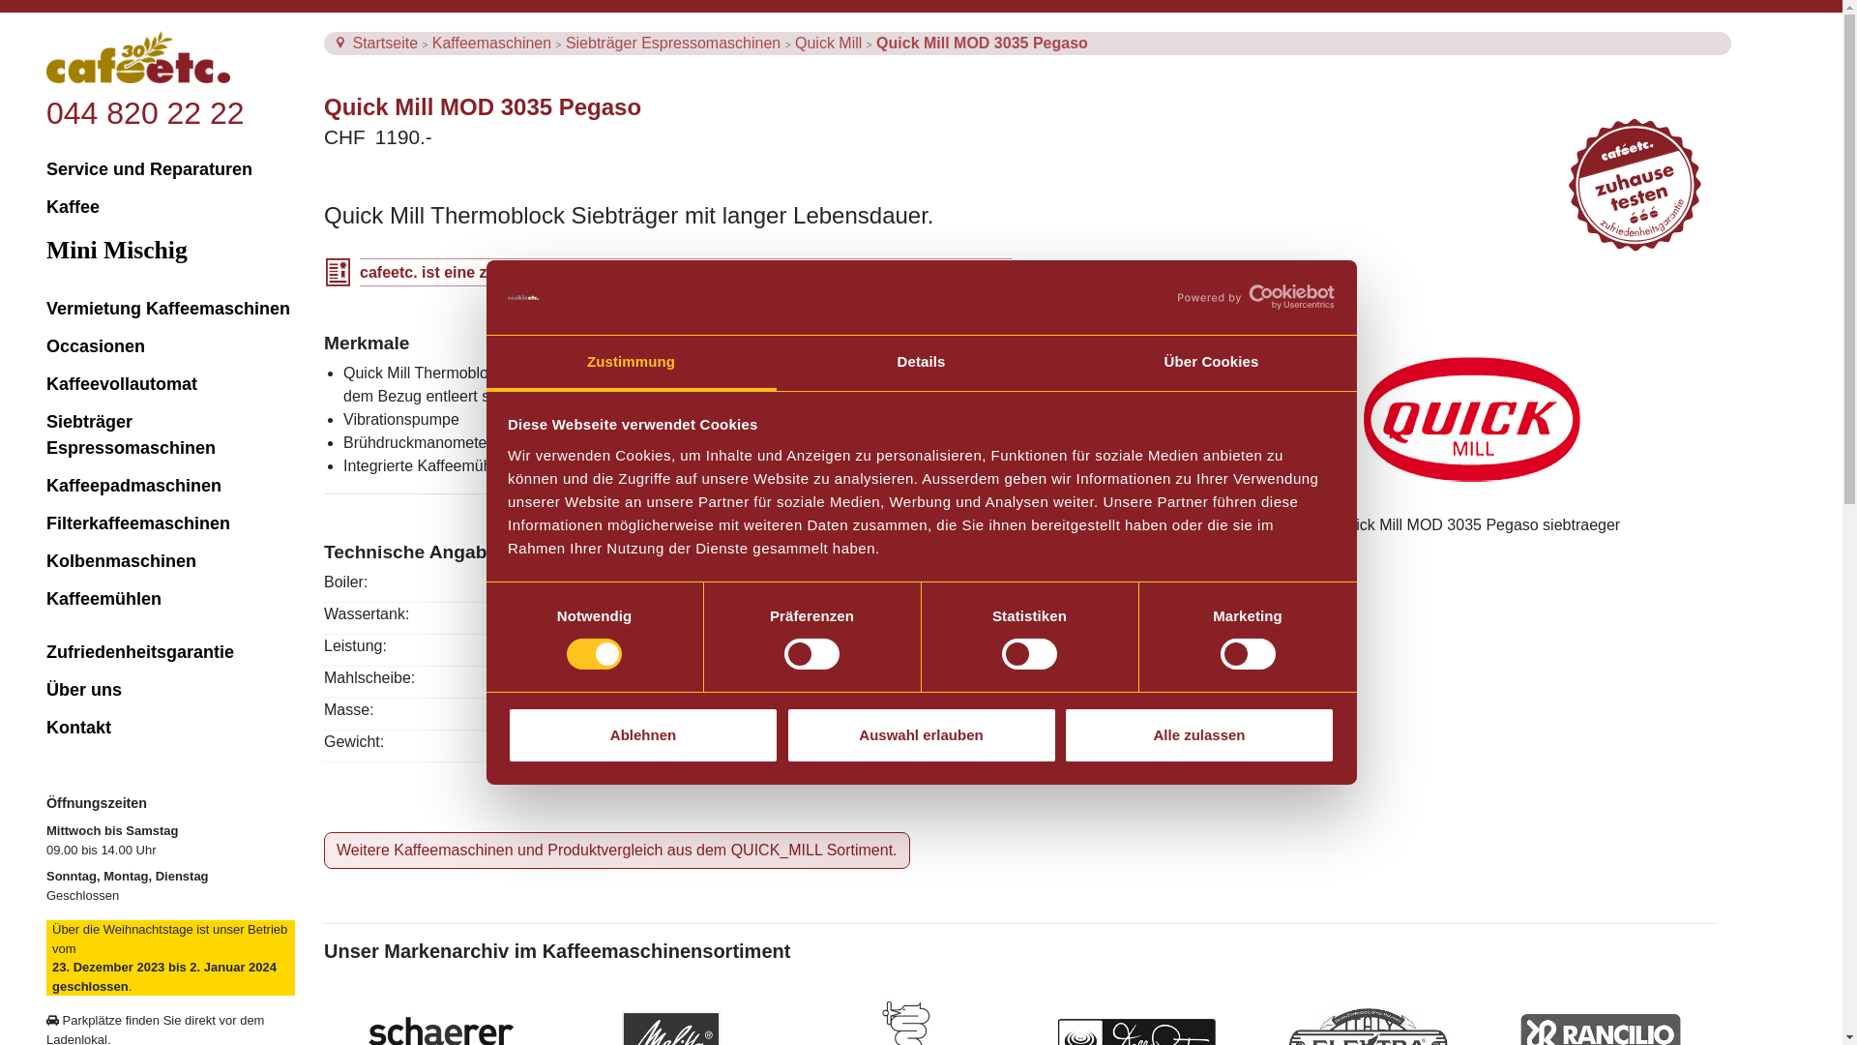  I want to click on 'Alle zulassen', so click(1197, 734).